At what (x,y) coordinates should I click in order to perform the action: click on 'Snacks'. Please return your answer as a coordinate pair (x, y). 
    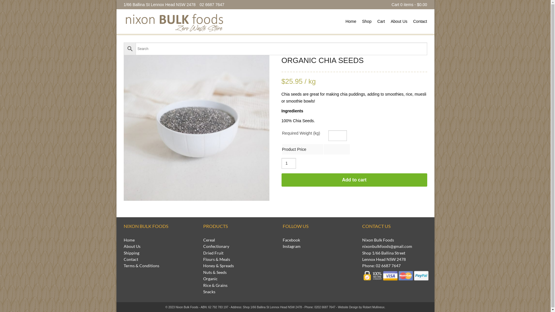
    Looking at the image, I should click on (209, 291).